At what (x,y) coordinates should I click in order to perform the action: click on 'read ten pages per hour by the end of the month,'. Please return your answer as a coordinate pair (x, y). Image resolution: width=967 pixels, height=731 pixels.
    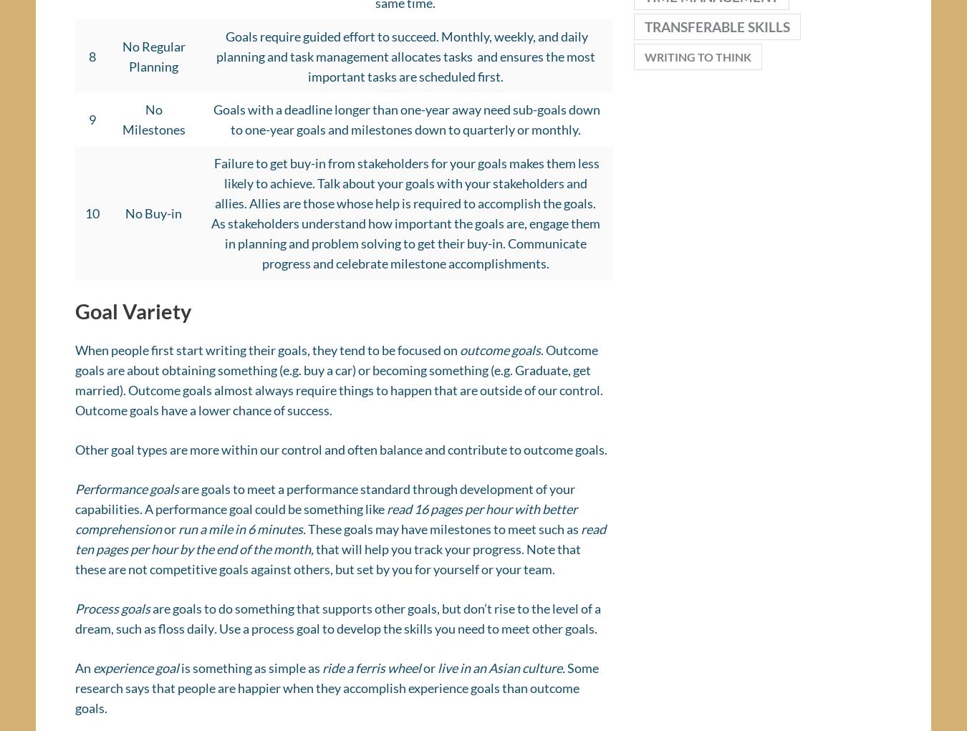
    Looking at the image, I should click on (340, 543).